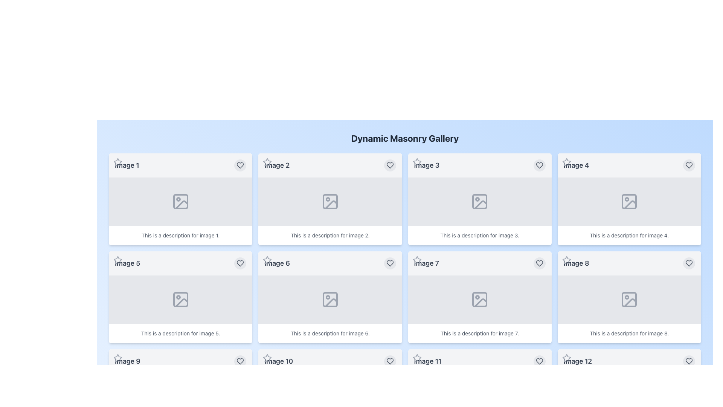  Describe the element at coordinates (576, 263) in the screenshot. I see `text content of the text label displaying 'Image 8', which is styled in bold dark gray and located at the top-left corner of the fourth card in the second row of the gallery` at that location.